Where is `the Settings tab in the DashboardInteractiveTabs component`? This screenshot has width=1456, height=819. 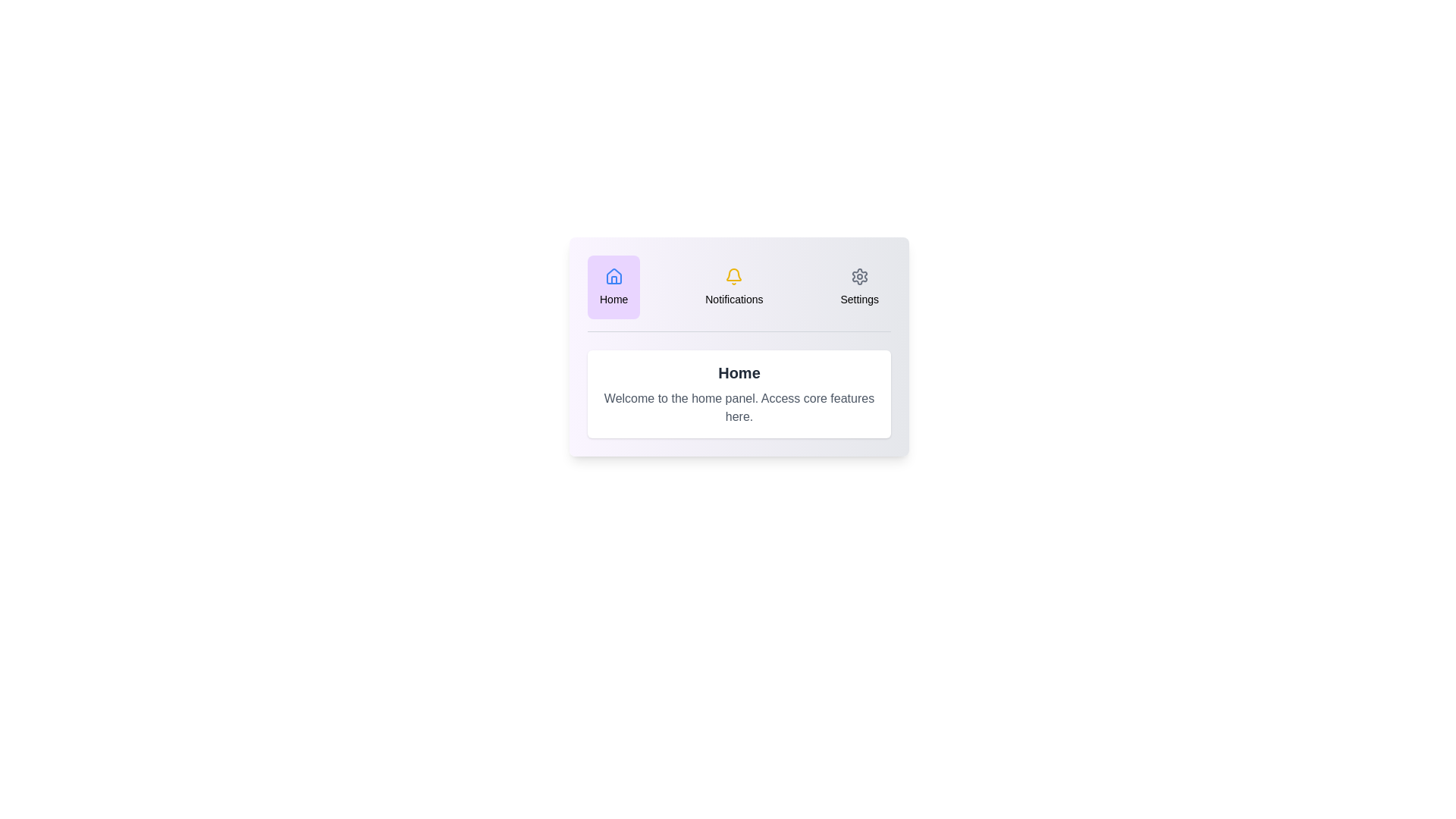 the Settings tab in the DashboardInteractiveTabs component is located at coordinates (858, 287).